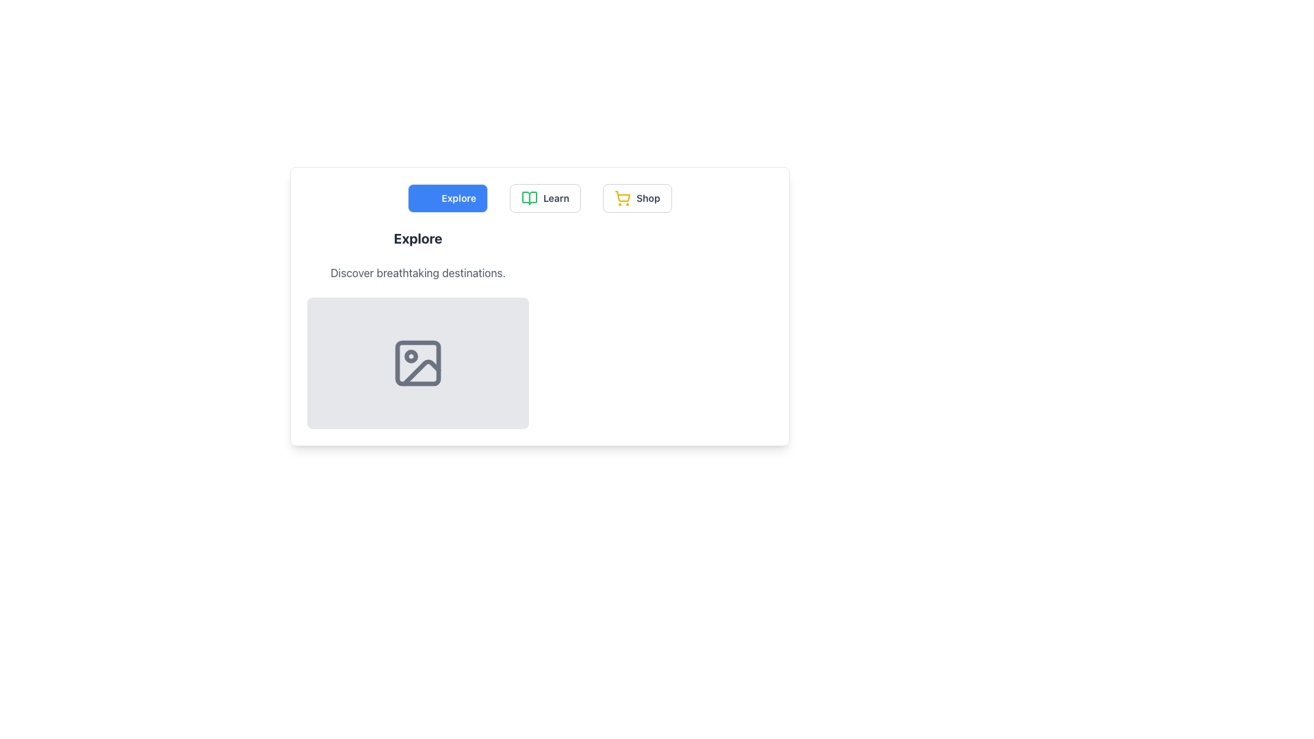 The height and width of the screenshot is (739, 1314). What do you see at coordinates (410, 355) in the screenshot?
I see `the Decorative Dot located within the top-left portion of the icon graphic resembling an image, which is part of a rectangular boundary with a diagonal line` at bounding box center [410, 355].